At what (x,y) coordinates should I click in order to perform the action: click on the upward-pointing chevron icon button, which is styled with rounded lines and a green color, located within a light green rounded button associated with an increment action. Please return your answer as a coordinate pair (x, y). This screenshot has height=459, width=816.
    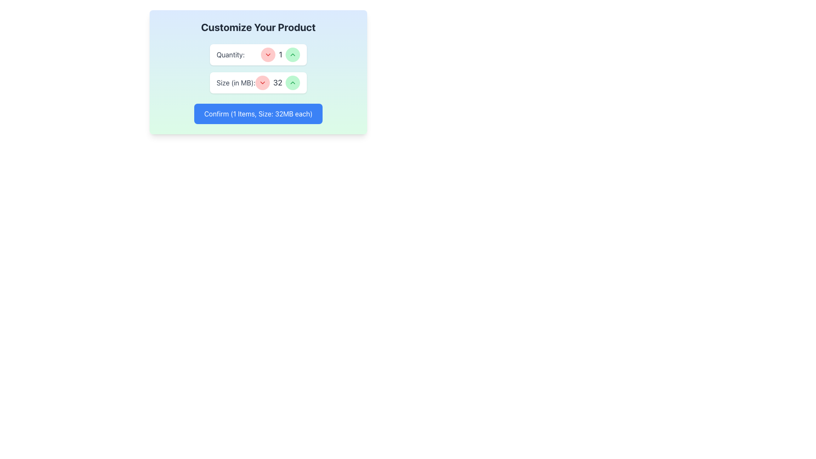
    Looking at the image, I should click on (293, 83).